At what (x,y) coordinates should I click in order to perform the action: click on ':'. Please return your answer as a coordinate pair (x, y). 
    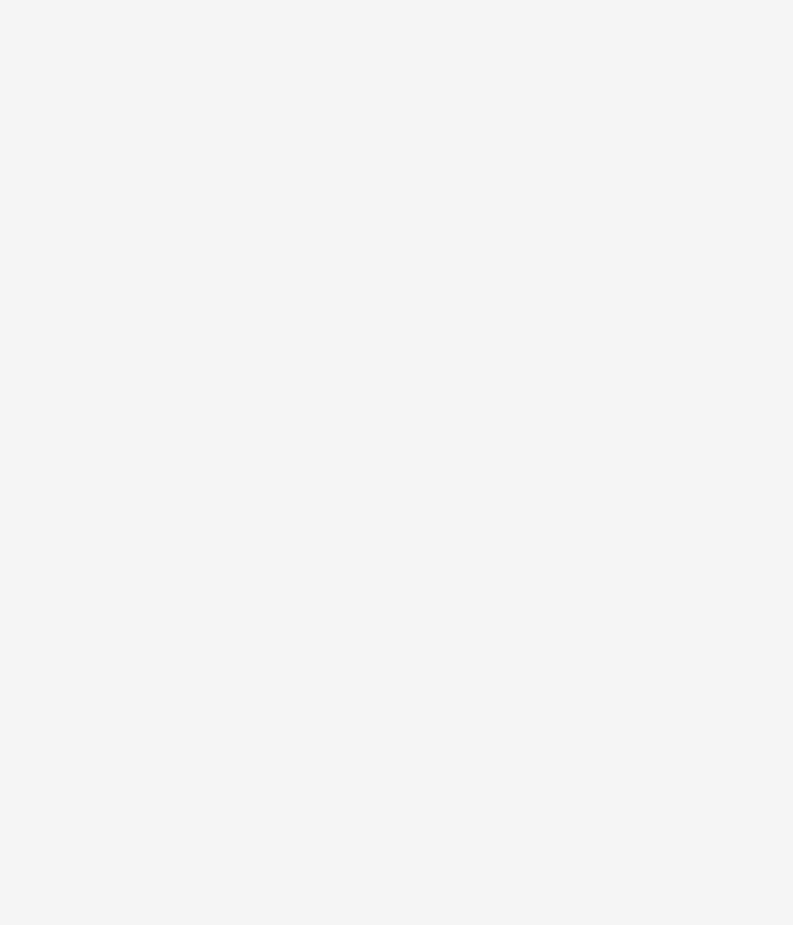
    Looking at the image, I should click on (159, 487).